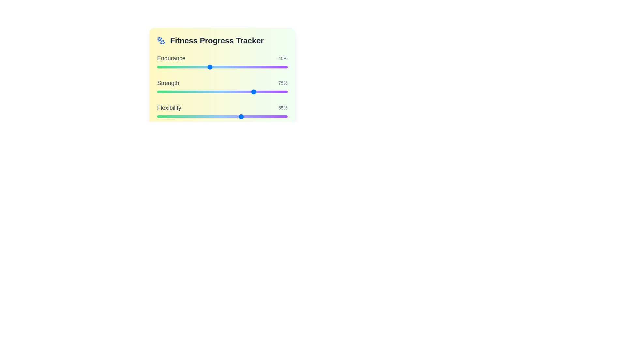  What do you see at coordinates (222, 82) in the screenshot?
I see `the textual display showing 'Strength' with a percentage of '75%' in the Fitness Progress Tracker interface, which is located between 'Endurance' and 'Flexibility'` at bounding box center [222, 82].